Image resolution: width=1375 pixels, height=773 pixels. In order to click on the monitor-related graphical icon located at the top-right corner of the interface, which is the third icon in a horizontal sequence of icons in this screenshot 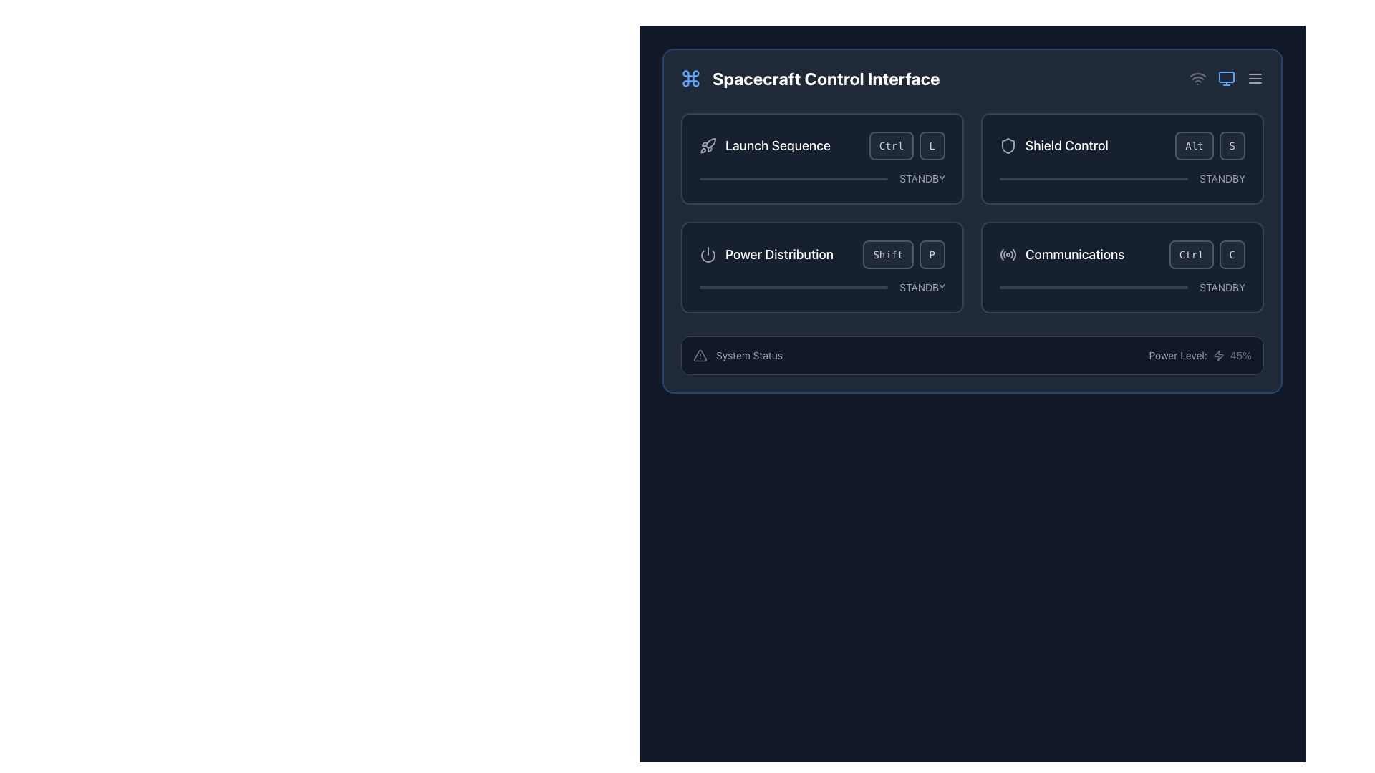, I will do `click(1226, 77)`.